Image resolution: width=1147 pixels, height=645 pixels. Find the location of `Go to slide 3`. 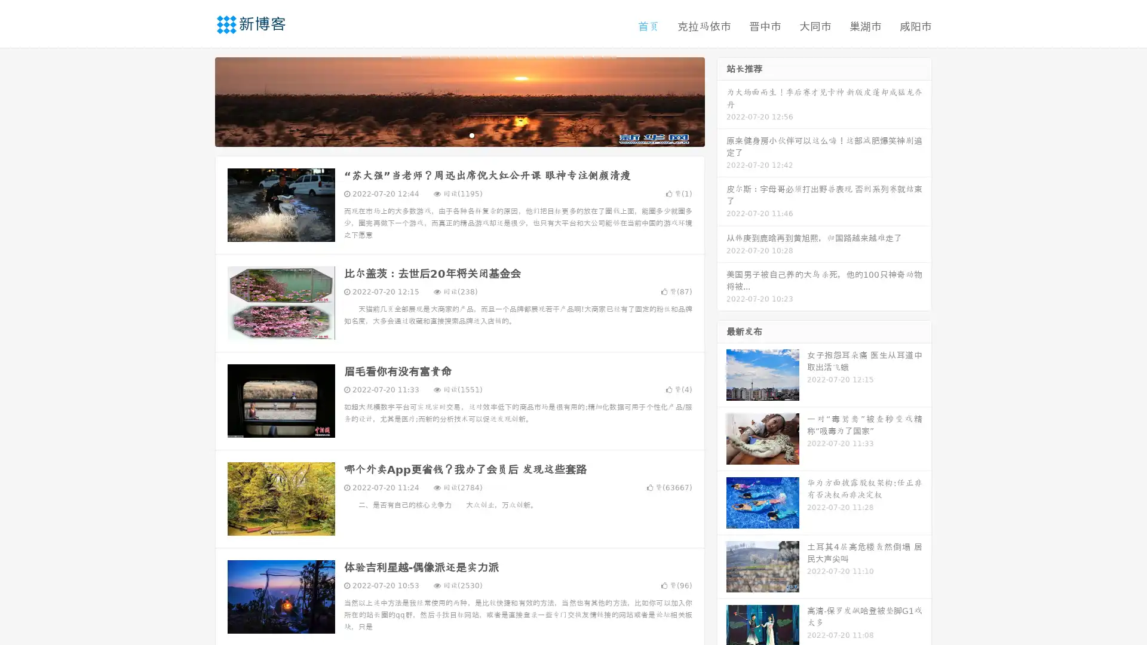

Go to slide 3 is located at coordinates (471, 134).